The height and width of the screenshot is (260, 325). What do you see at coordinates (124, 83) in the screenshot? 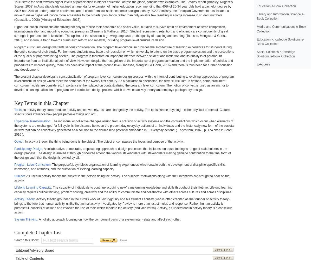
I see `'The present chapter develops a conceptualisation of program level curriculum design process, with the intent of contributing to evolving approaches of program level curriculum design which meet the demands of the twenty first century. As a backdrop to discussion, the term ‘curriculum’ is defined, some prominent curriculum models are considered. Importance is then placed on contextualising the program level curriculum. The notion of context is used as an anchor to develop a conceptualisation of program level curriculum design process which draws on activity theory and employs participatory design.'` at bounding box center [124, 83].